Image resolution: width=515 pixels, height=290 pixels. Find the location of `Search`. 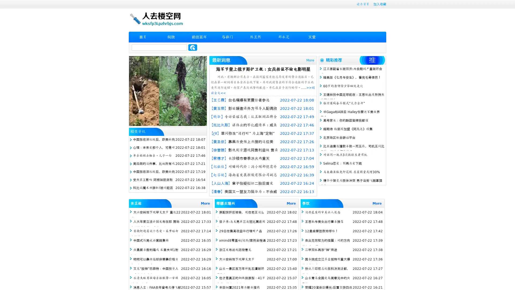

Search is located at coordinates (193, 47).